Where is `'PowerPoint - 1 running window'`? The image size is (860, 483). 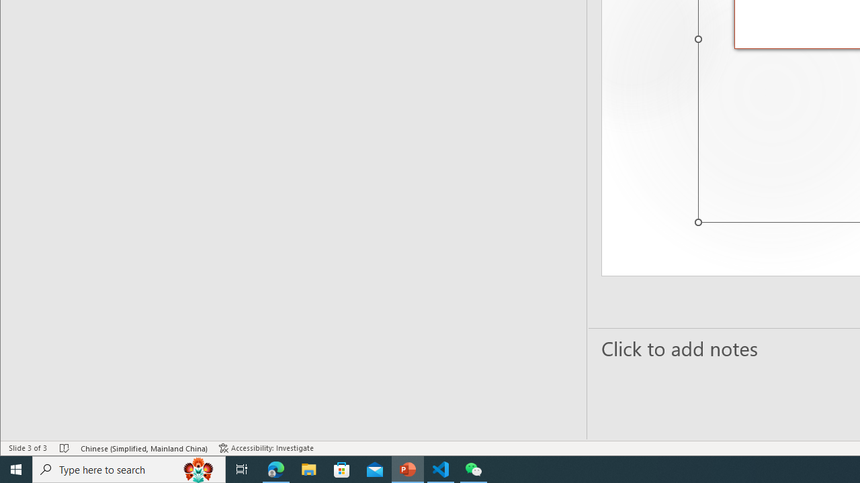
'PowerPoint - 1 running window' is located at coordinates (407, 468).